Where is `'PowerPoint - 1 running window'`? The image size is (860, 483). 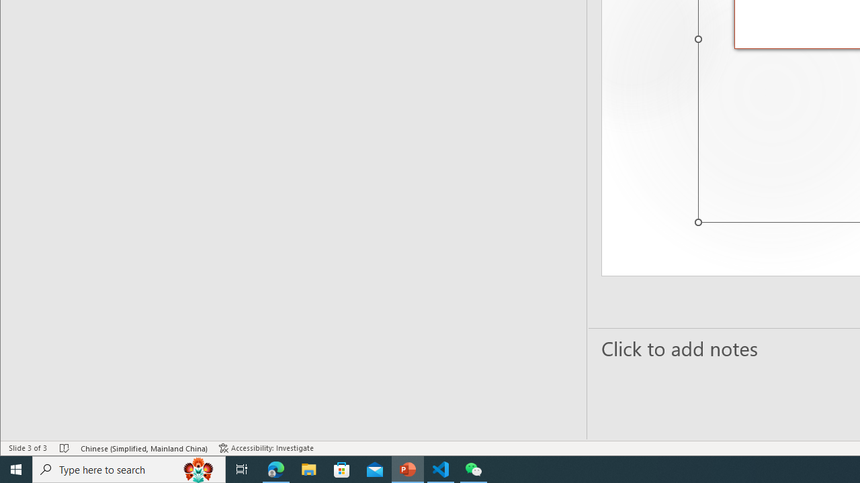
'PowerPoint - 1 running window' is located at coordinates (407, 468).